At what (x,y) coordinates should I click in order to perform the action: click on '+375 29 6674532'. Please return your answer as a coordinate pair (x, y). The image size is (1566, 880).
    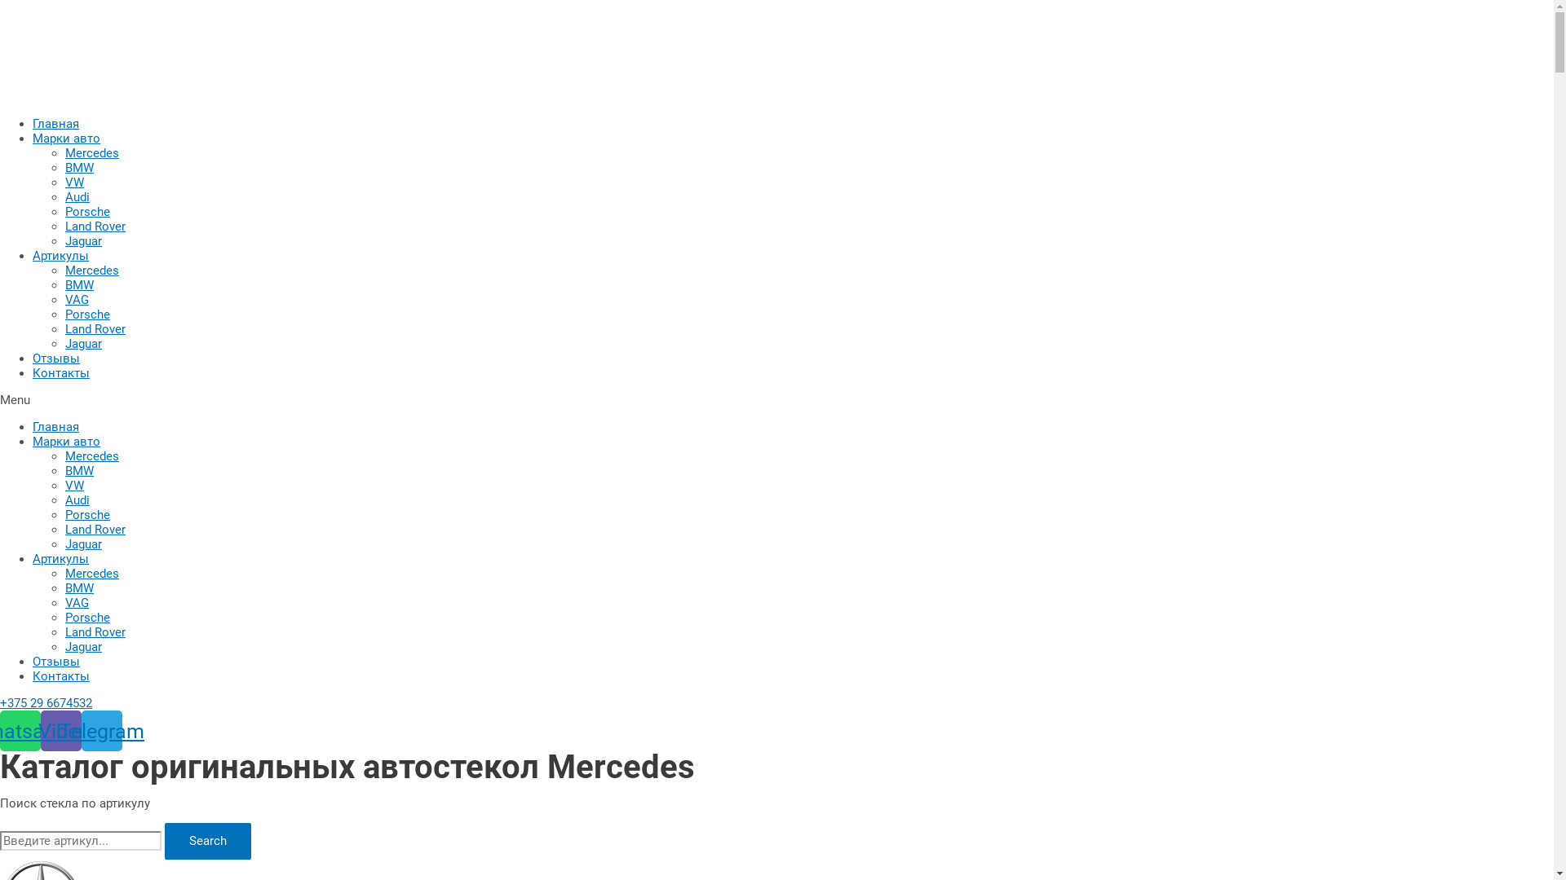
    Looking at the image, I should click on (46, 702).